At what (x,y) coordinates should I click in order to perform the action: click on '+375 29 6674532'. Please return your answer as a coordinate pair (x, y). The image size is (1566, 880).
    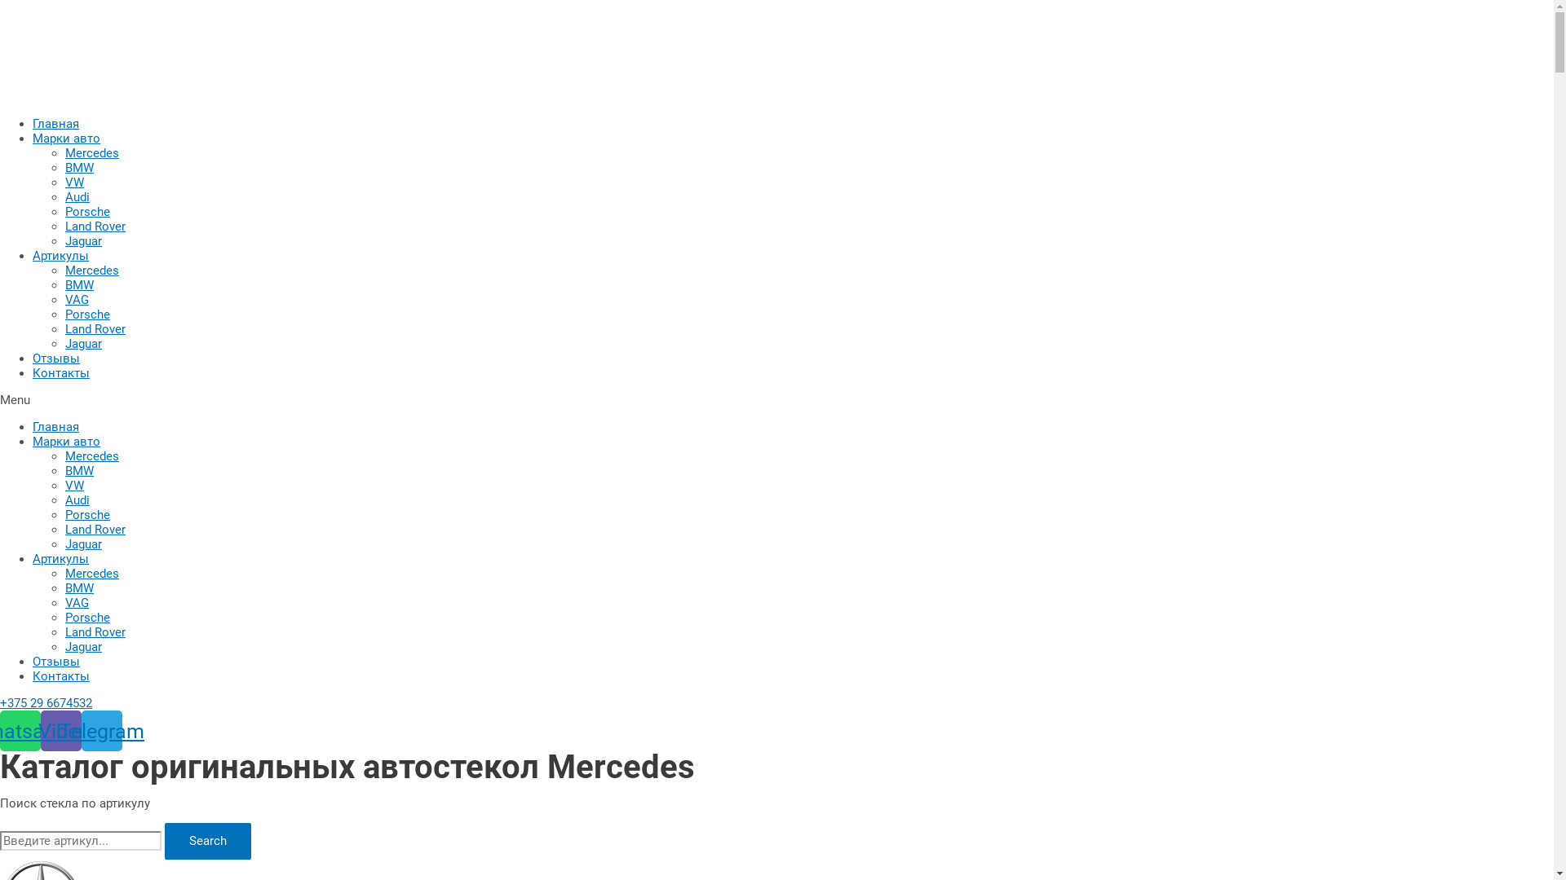
    Looking at the image, I should click on (46, 702).